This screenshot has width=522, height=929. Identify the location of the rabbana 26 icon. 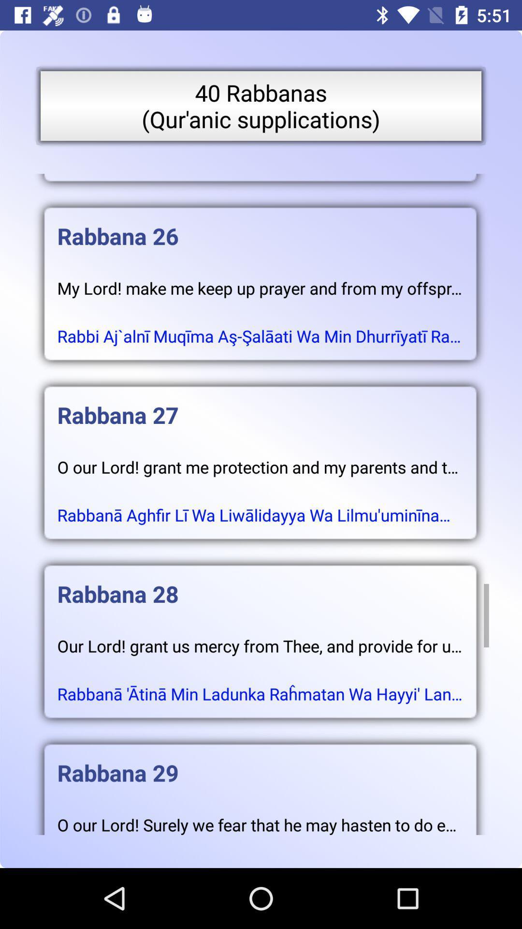
(260, 226).